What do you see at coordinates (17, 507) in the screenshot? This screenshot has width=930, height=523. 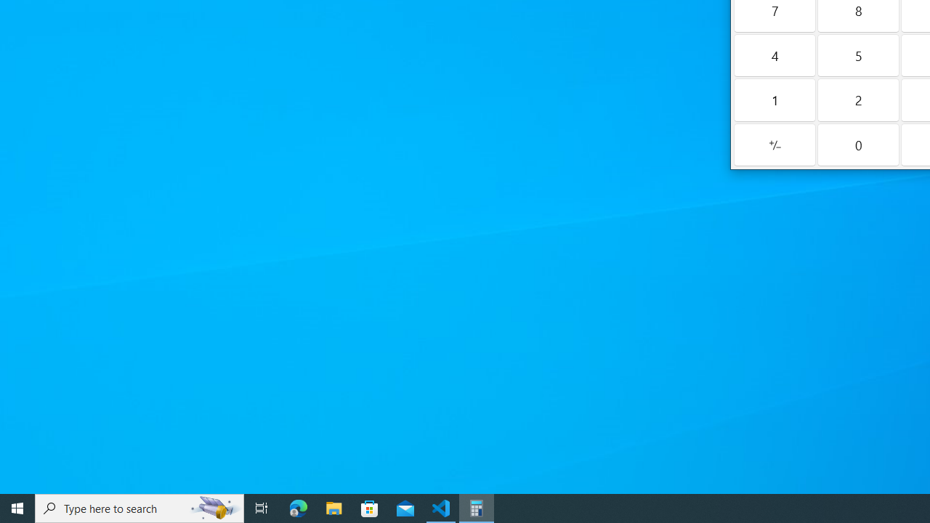 I see `'Start'` at bounding box center [17, 507].